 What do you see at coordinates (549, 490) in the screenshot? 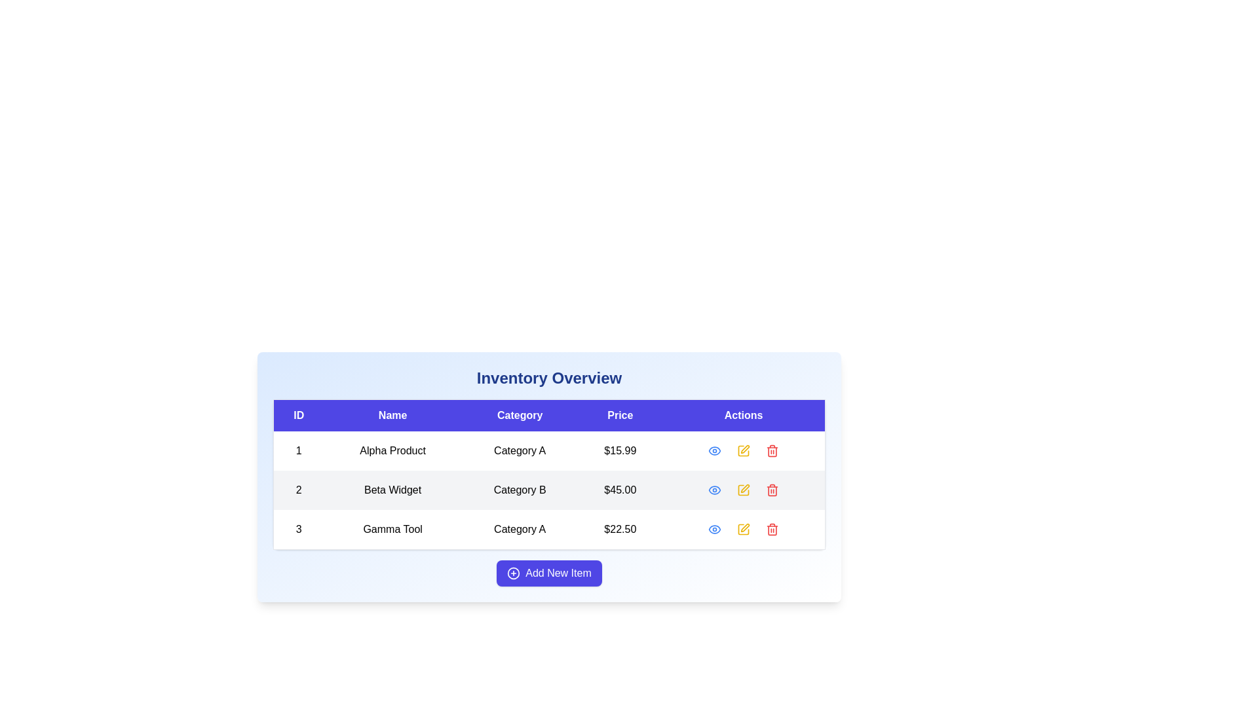
I see `displayed details of the second row in the table, which contains information about a specific product or item` at bounding box center [549, 490].